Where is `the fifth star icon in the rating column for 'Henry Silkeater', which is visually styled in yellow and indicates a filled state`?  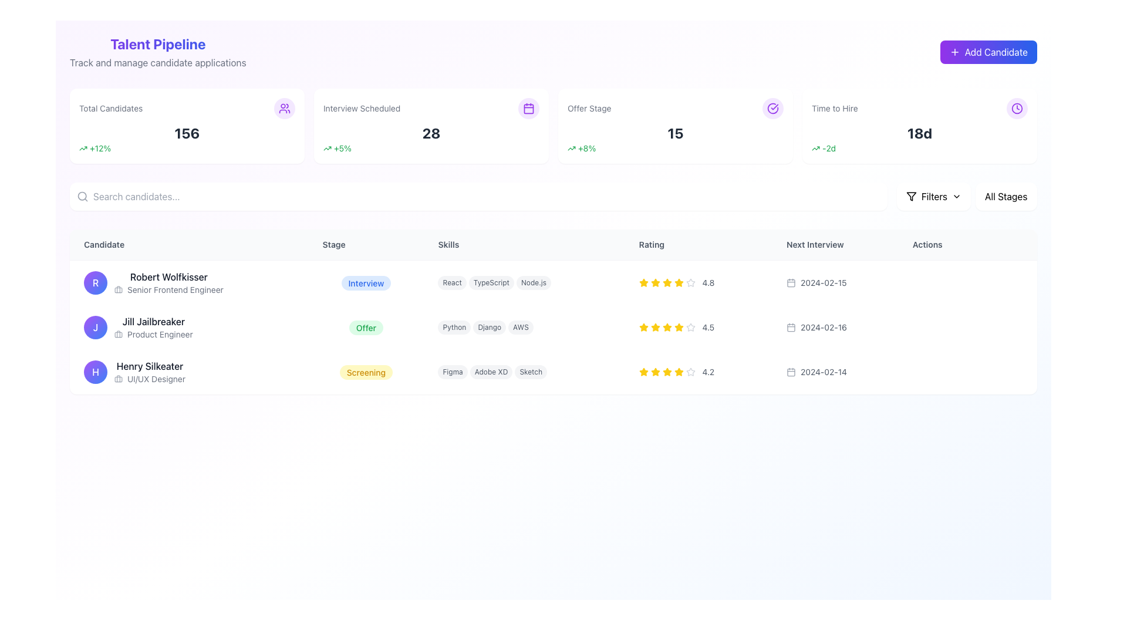
the fifth star icon in the rating column for 'Henry Silkeater', which is visually styled in yellow and indicates a filled state is located at coordinates (679, 372).